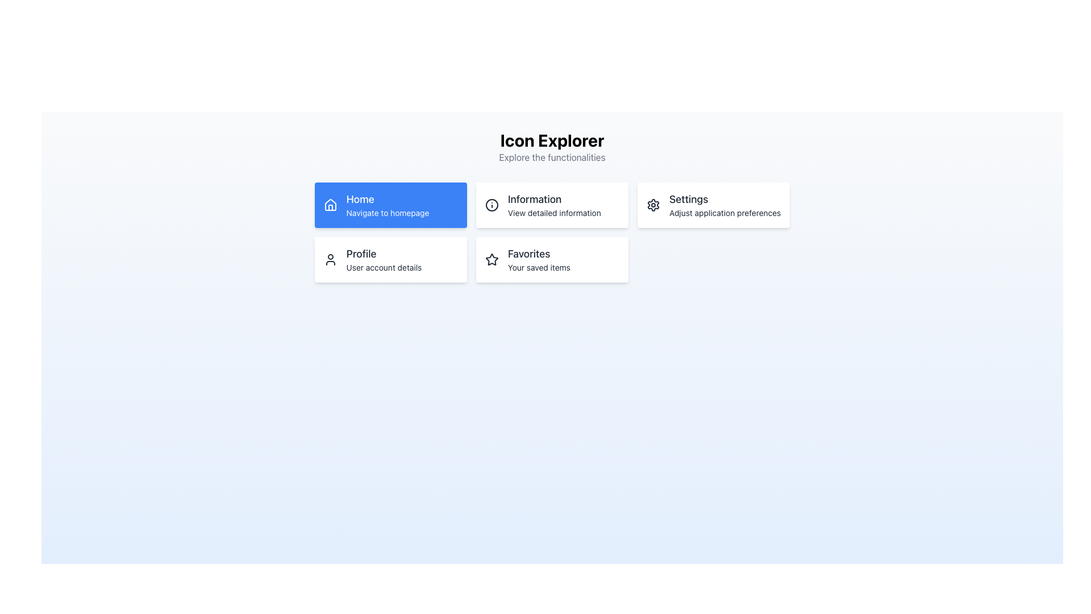  What do you see at coordinates (492, 259) in the screenshot?
I see `the star-like icon in the 'Favorites' section located in the bottom-right cell of the grid, which has a white fill and a dark outline` at bounding box center [492, 259].